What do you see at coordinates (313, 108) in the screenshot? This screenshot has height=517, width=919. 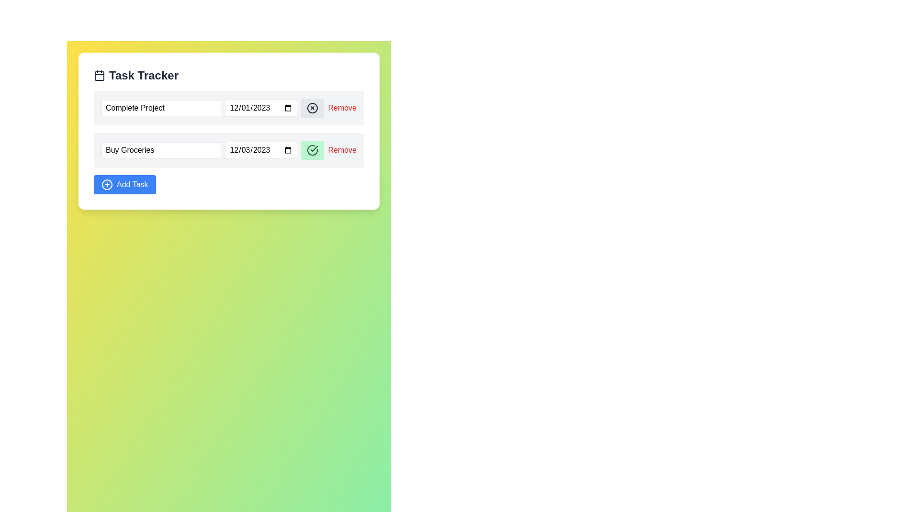 I see `the close or cancel icon button located within the first task entry of the task tracker, positioned between the date picker and the 'Remove' button` at bounding box center [313, 108].